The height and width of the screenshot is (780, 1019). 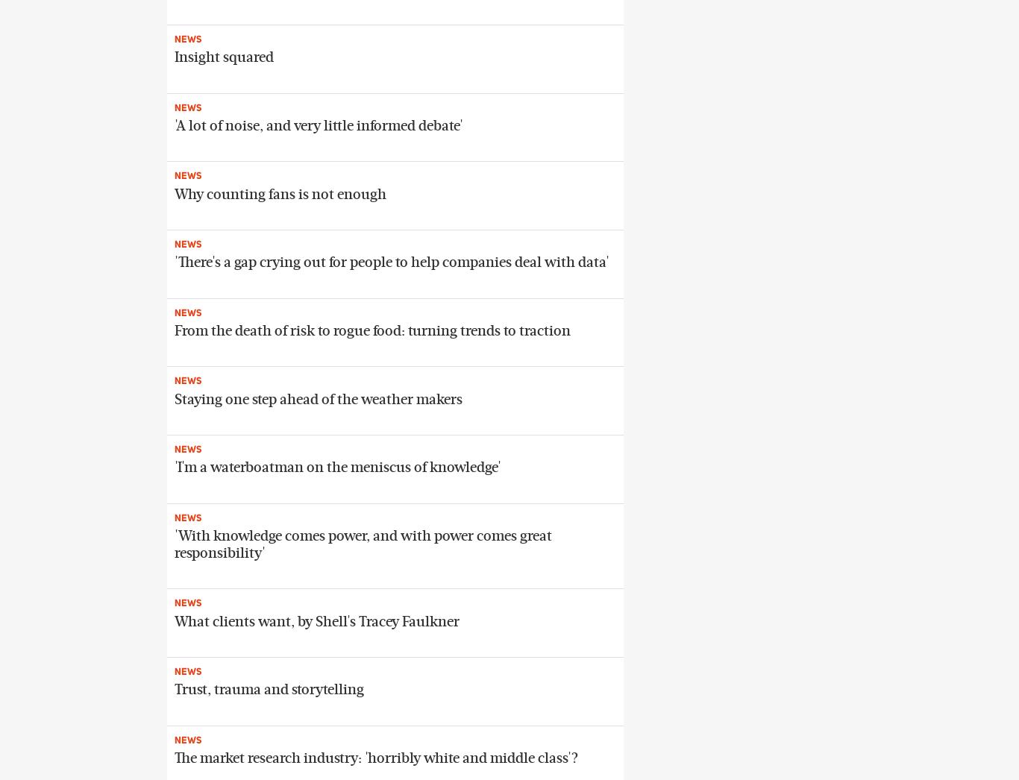 What do you see at coordinates (174, 193) in the screenshot?
I see `'Why counting fans is not enough'` at bounding box center [174, 193].